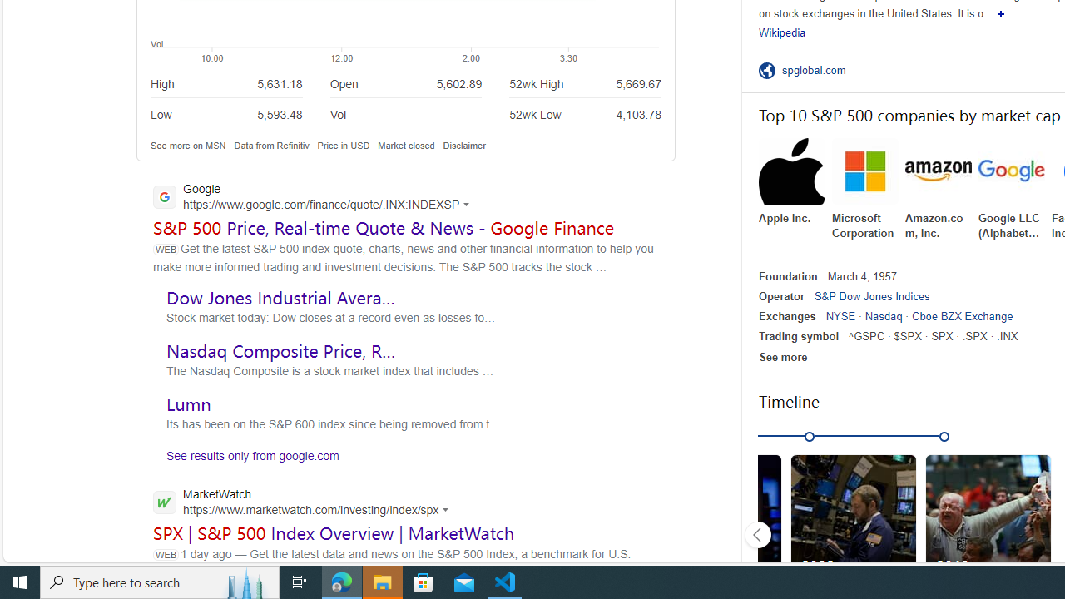 This screenshot has height=599, width=1065. I want to click on 'Trading symbol', so click(799, 336).